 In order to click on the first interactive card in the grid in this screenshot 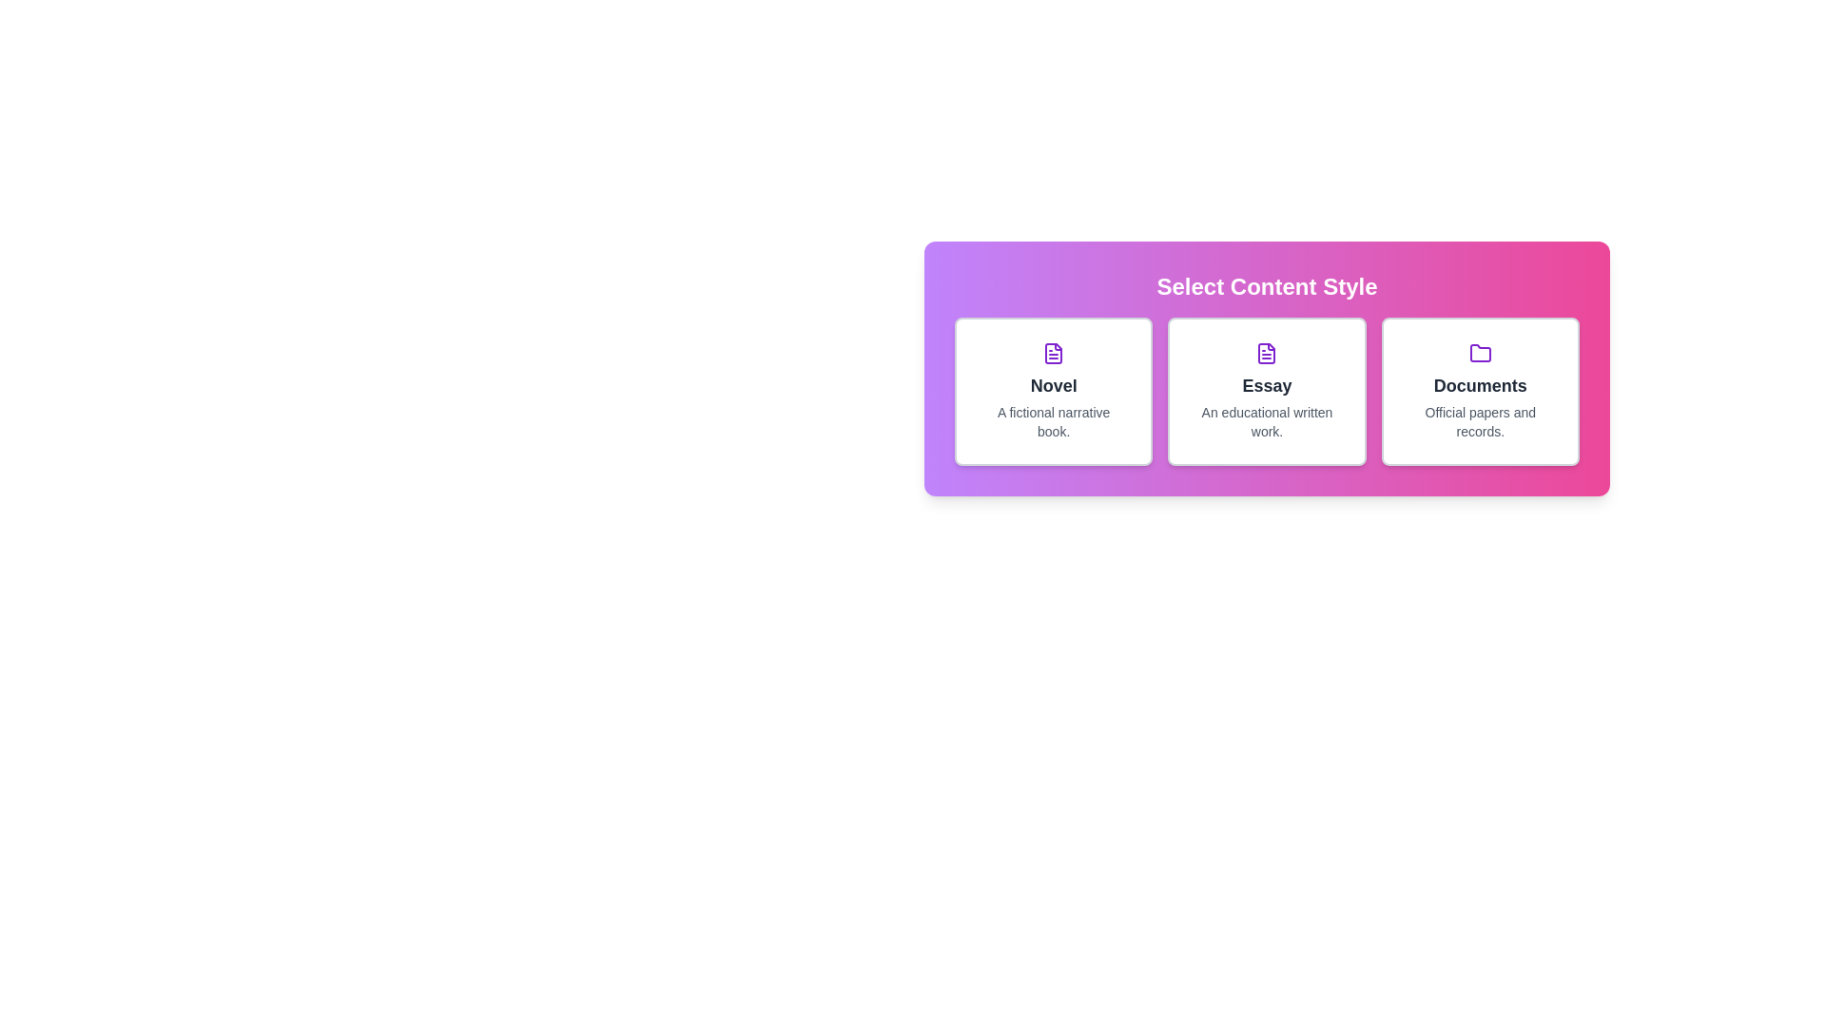, I will do `click(1053, 391)`.